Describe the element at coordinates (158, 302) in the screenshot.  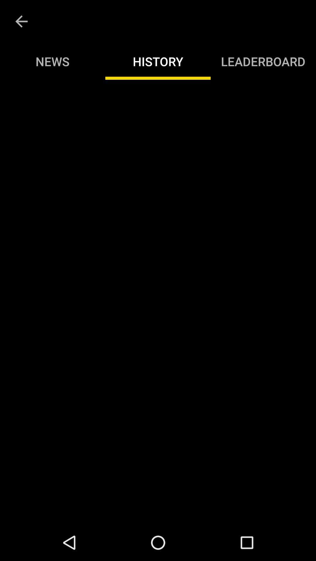
I see `item below the news item` at that location.